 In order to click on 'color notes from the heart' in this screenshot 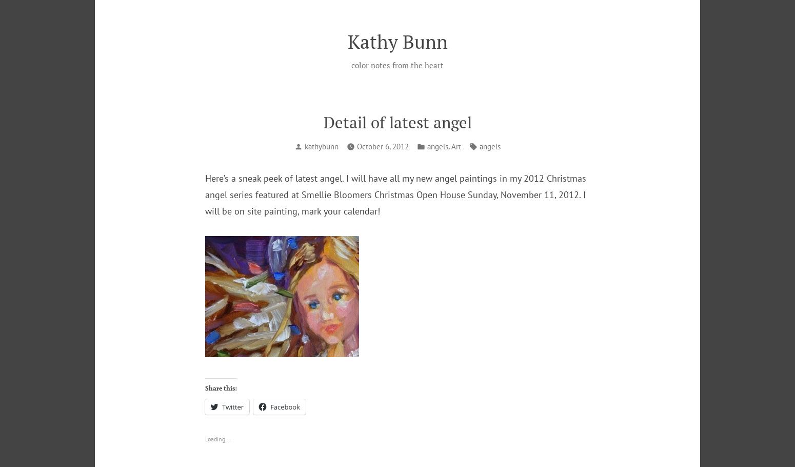, I will do `click(350, 65)`.